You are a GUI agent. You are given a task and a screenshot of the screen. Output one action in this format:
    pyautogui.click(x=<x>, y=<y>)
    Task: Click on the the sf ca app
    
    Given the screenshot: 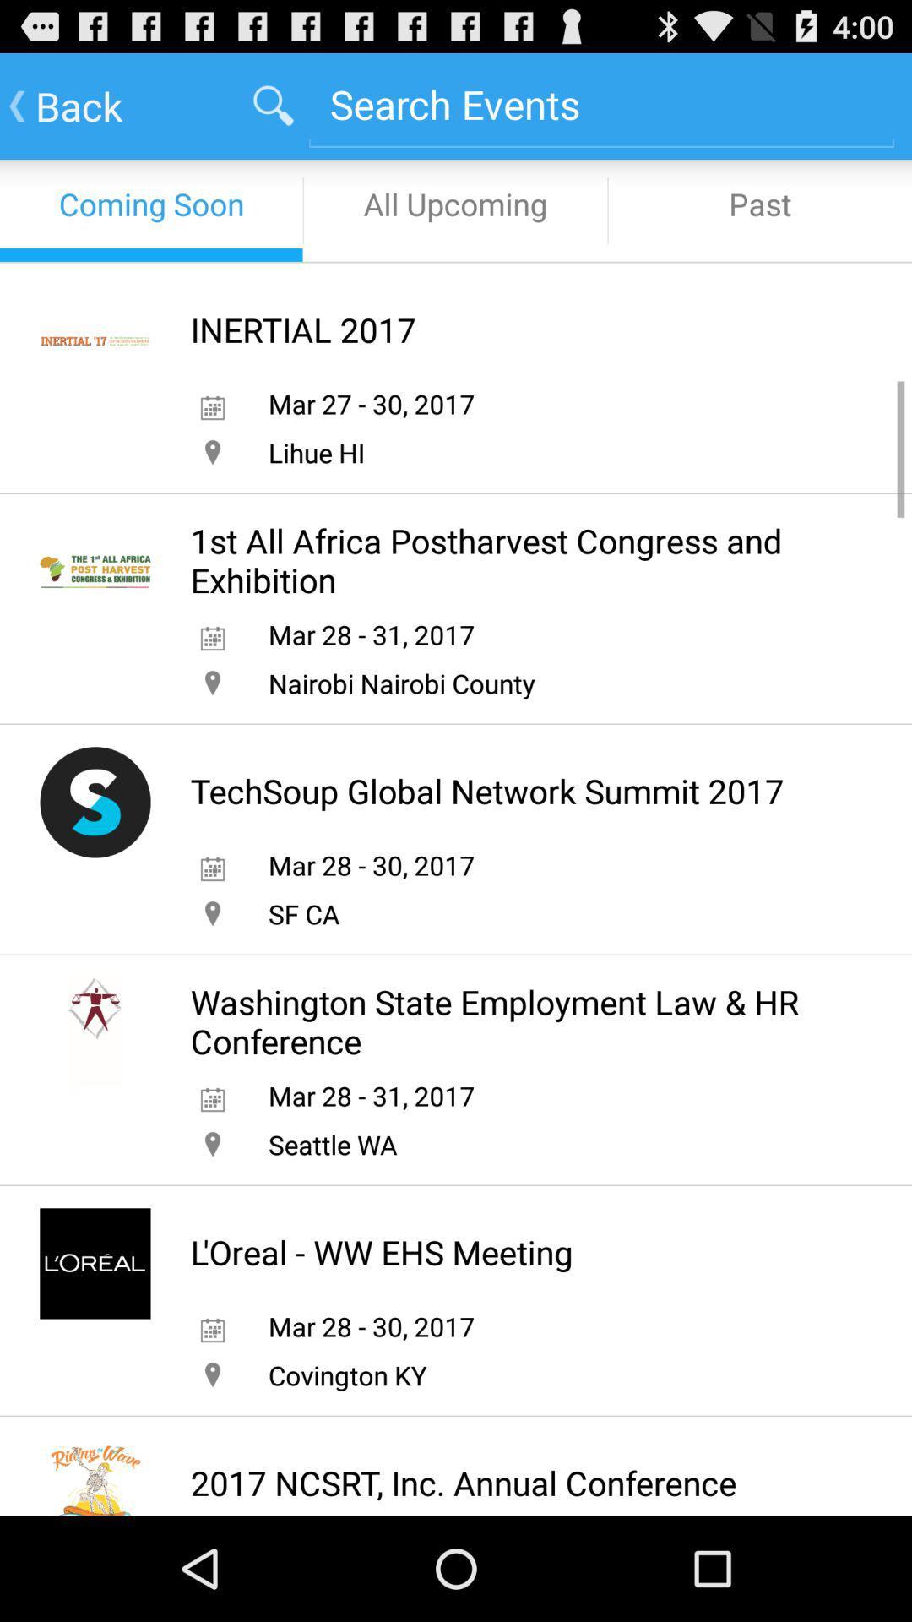 What is the action you would take?
    pyautogui.click(x=302, y=912)
    